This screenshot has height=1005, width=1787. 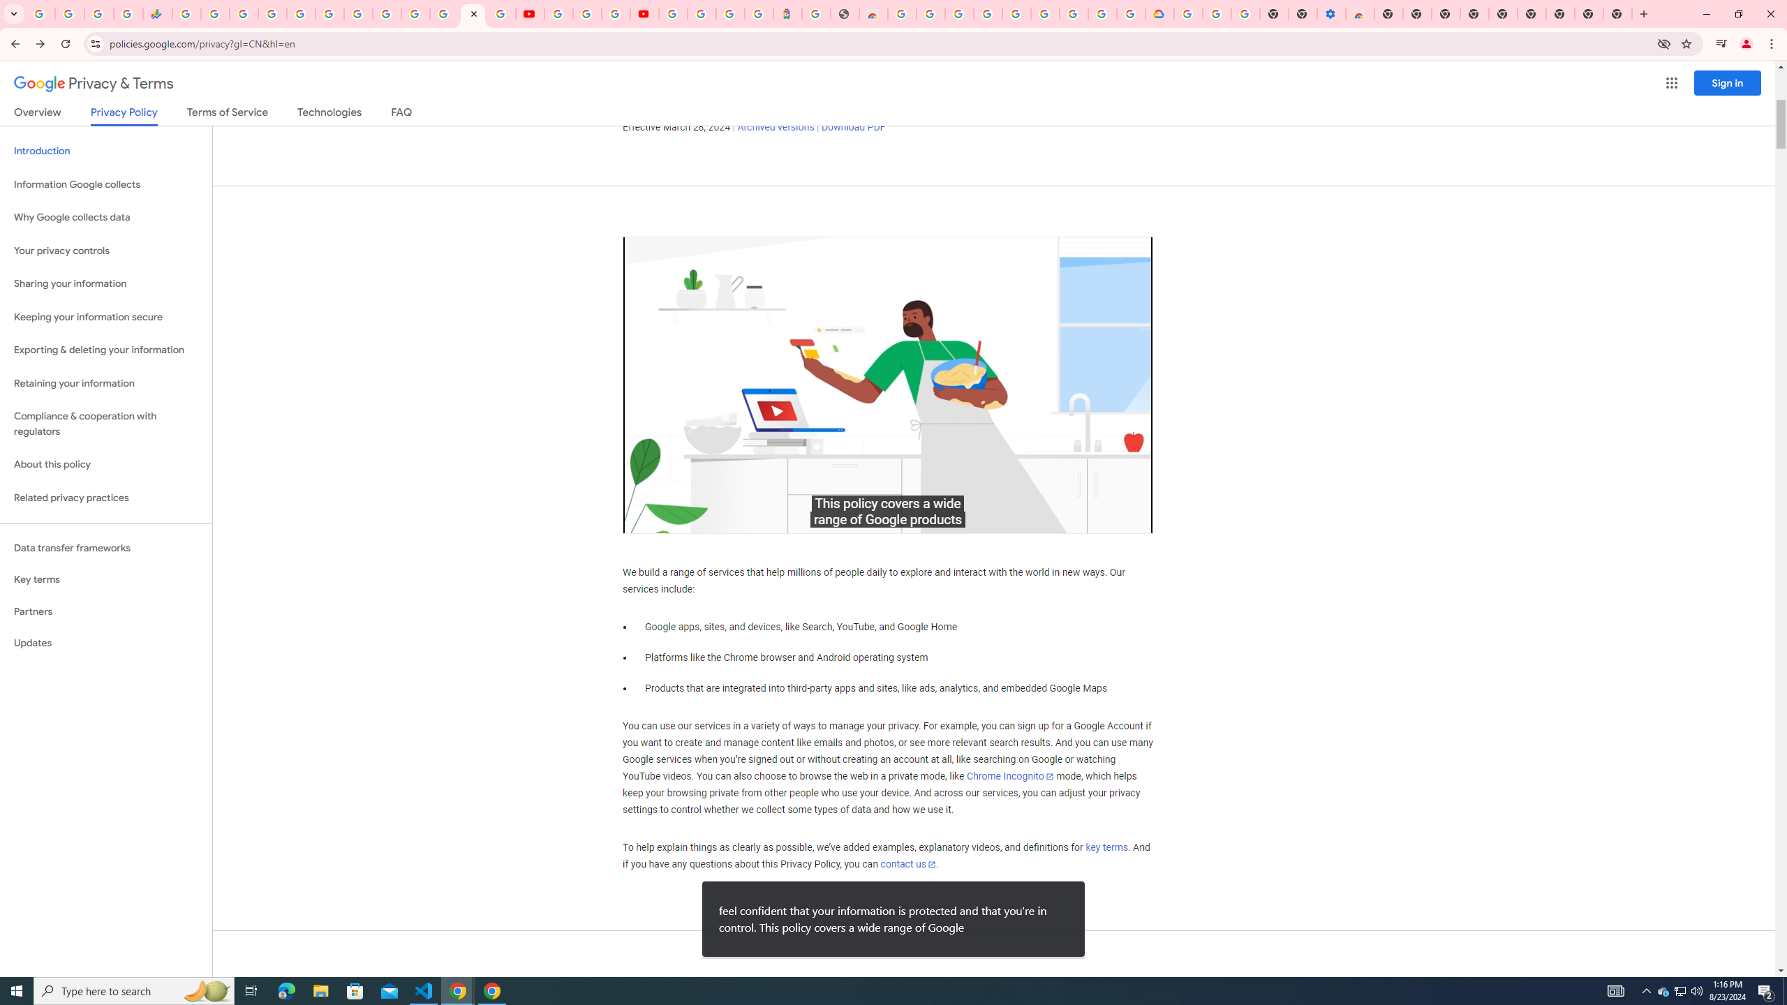 I want to click on 'Related privacy practices', so click(x=105, y=497).